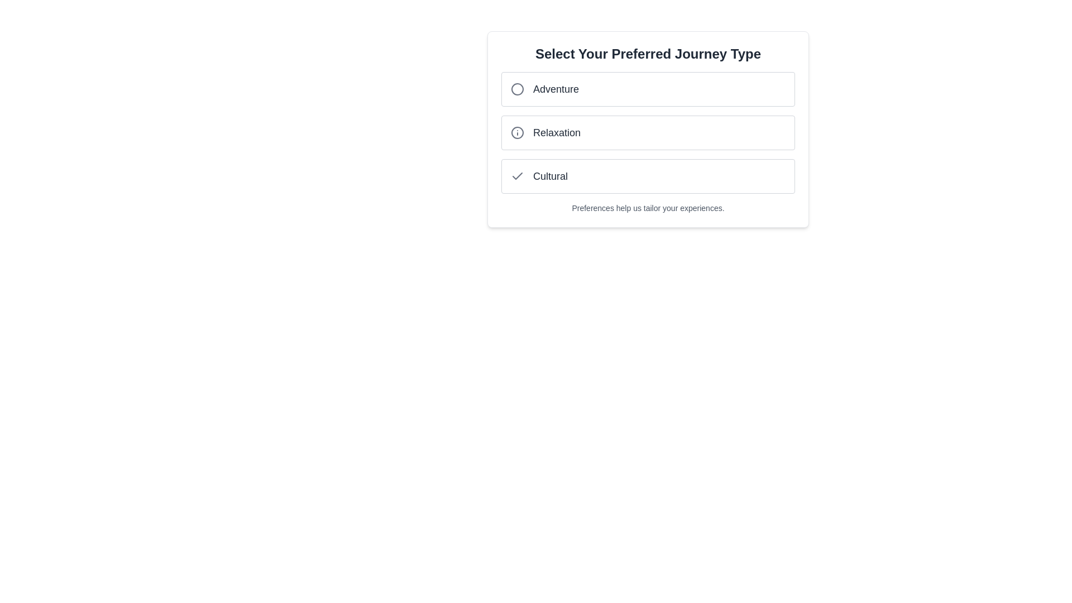 The image size is (1072, 603). I want to click on the Selector item for the Relaxation option in the preference selection menu, so click(648, 132).